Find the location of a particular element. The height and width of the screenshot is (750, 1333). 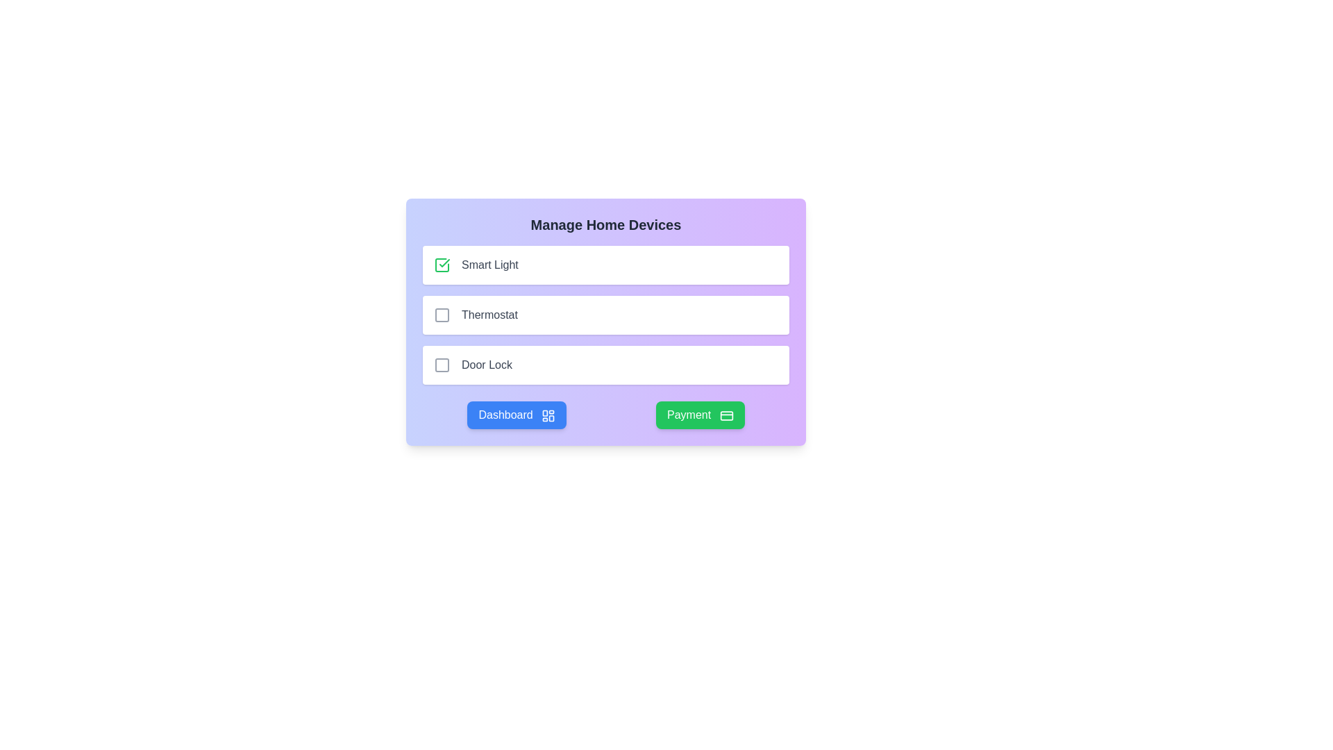

the 'Dashboard' button, which has a blue background and white text is located at coordinates (516, 414).